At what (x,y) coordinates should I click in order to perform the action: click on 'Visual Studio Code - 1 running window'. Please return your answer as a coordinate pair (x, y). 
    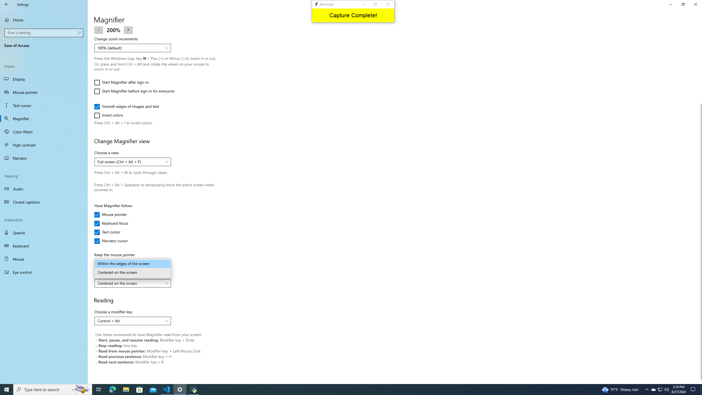
    Looking at the image, I should click on (166, 389).